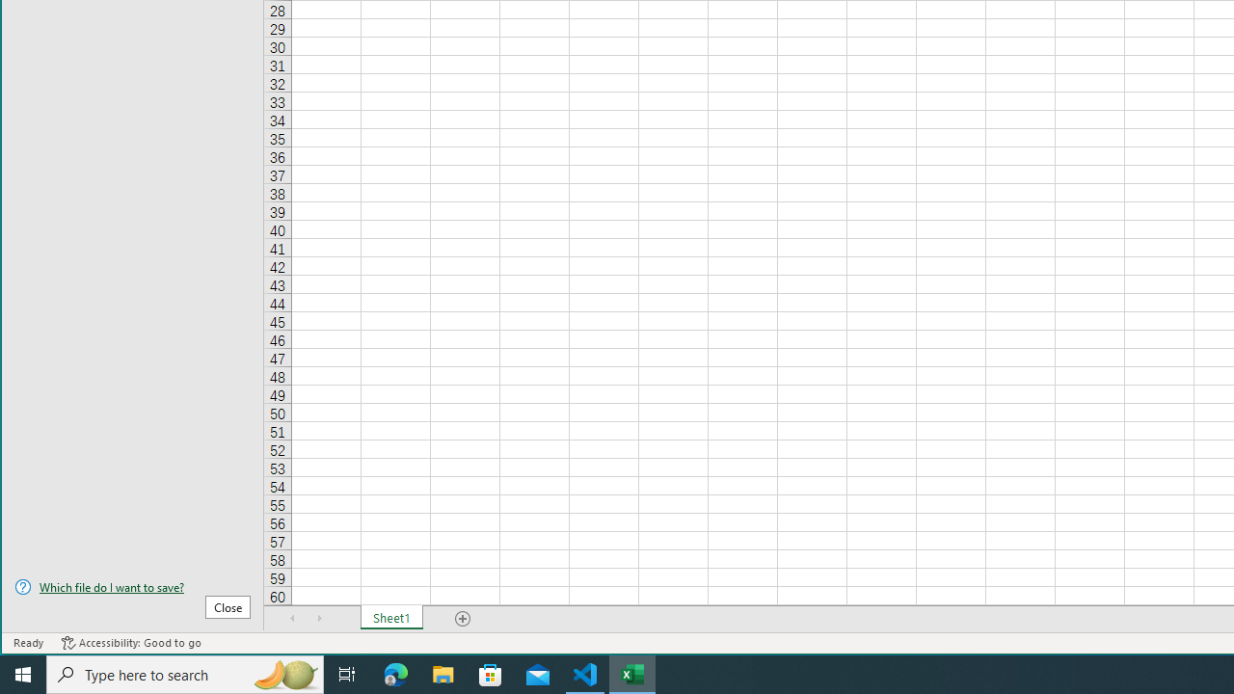 The image size is (1234, 694). Describe the element at coordinates (443, 673) in the screenshot. I see `'File Explorer'` at that location.